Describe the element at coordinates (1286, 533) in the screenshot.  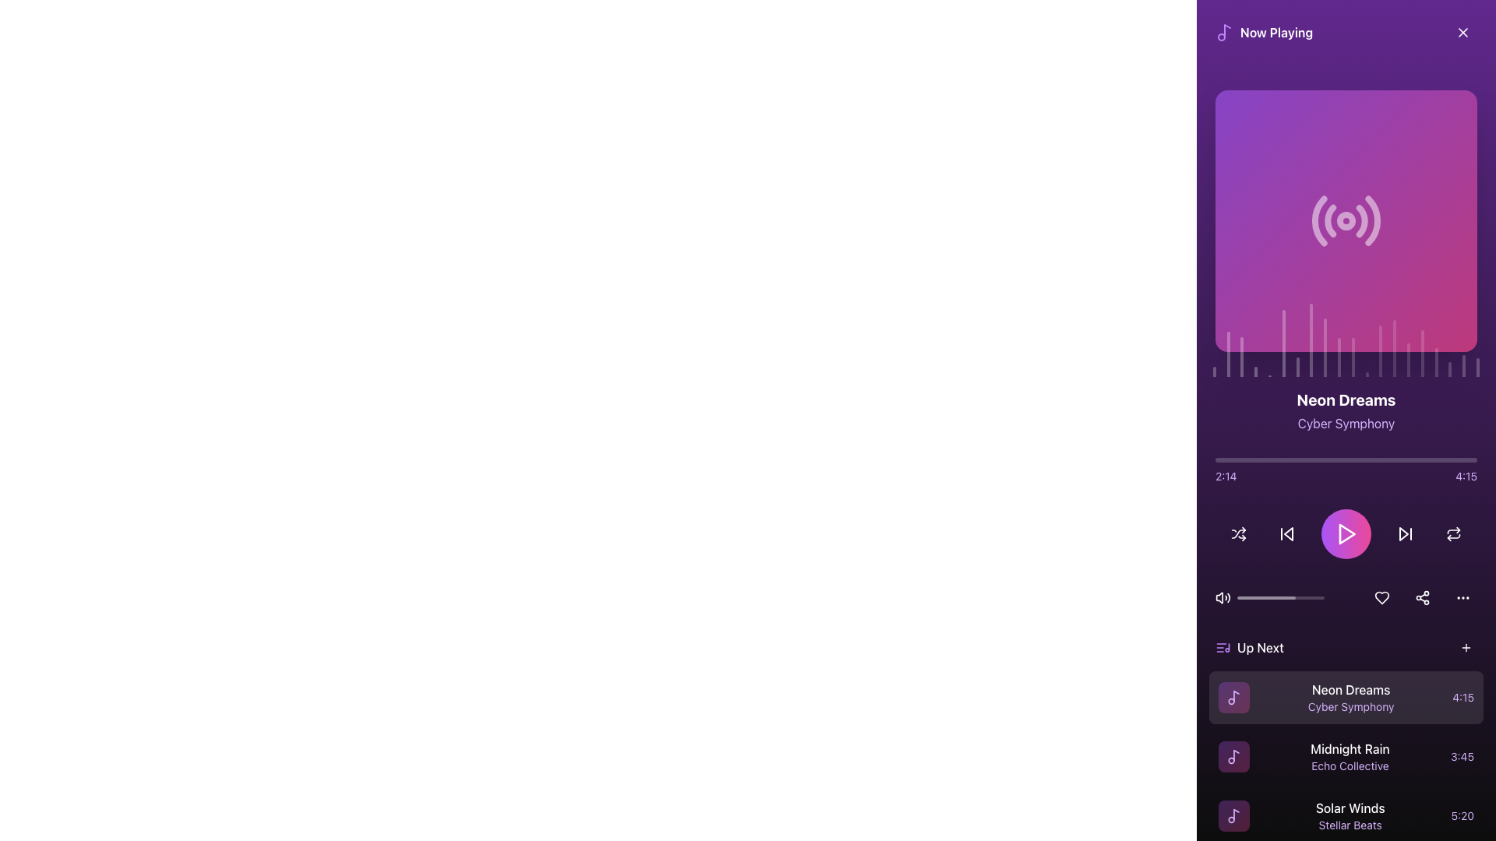
I see `the backtrack button, which is a left-facing arrow with two vertical bars, styled with a purple background` at that location.